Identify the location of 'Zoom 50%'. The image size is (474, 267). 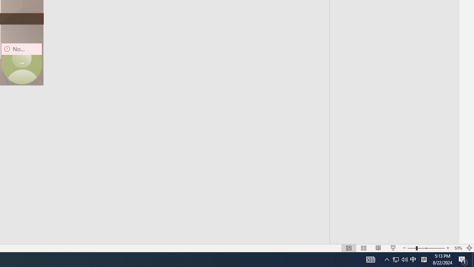
(458, 248).